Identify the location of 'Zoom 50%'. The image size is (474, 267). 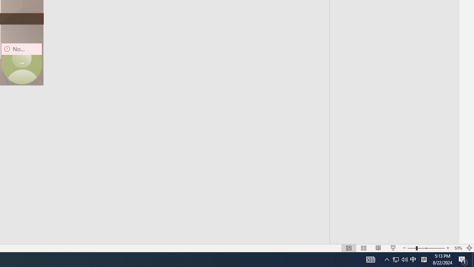
(458, 248).